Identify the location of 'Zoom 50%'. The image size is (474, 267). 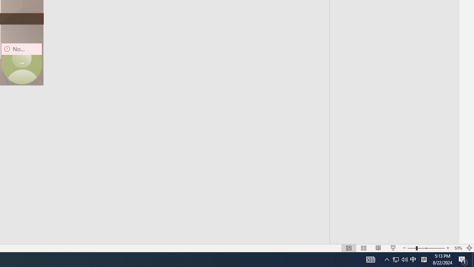
(458, 248).